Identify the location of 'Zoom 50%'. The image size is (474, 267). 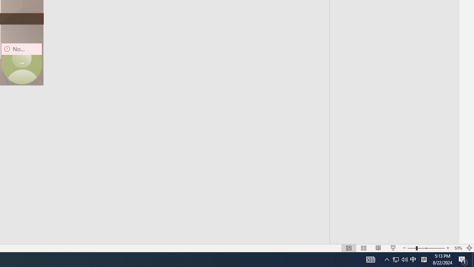
(458, 248).